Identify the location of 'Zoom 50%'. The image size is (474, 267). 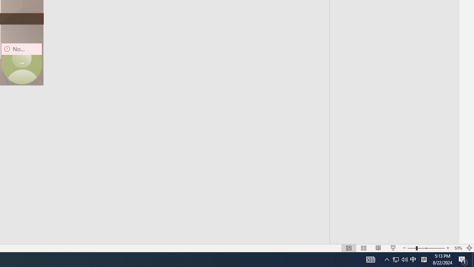
(458, 248).